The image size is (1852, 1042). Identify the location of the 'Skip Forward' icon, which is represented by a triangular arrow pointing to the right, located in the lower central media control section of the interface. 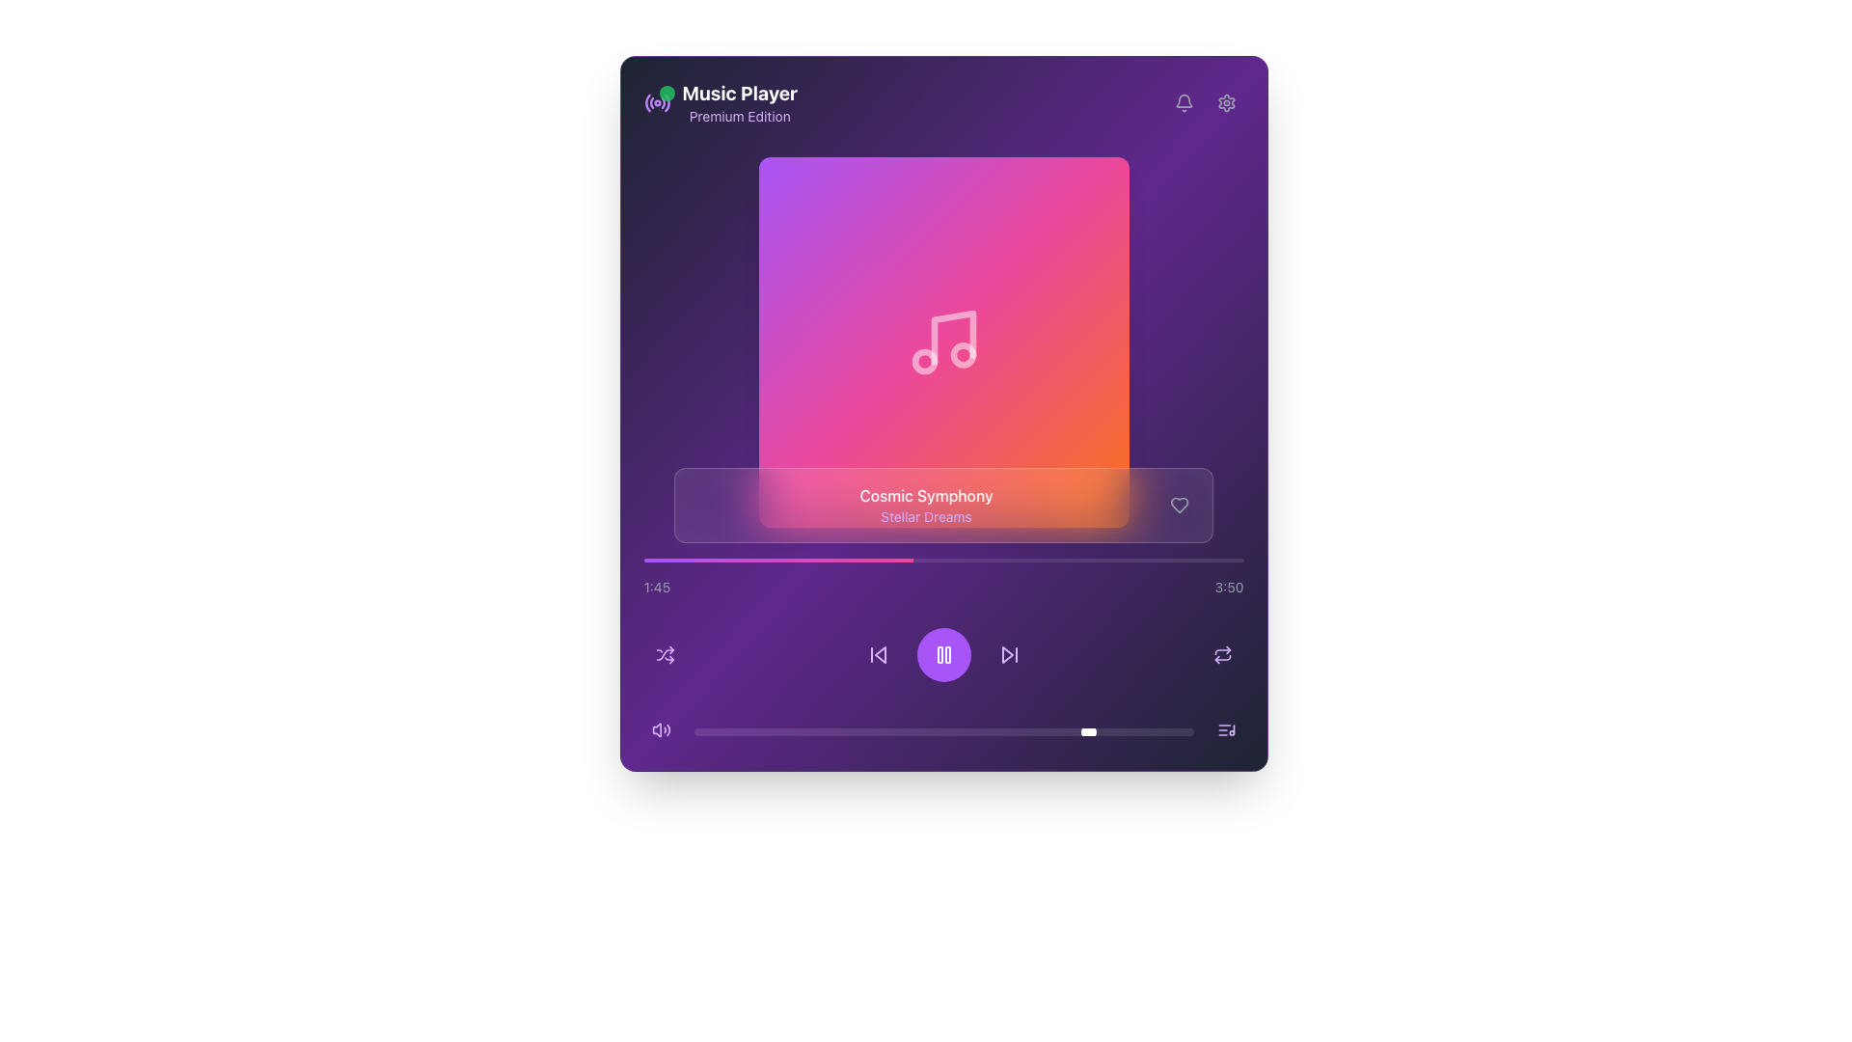
(1006, 653).